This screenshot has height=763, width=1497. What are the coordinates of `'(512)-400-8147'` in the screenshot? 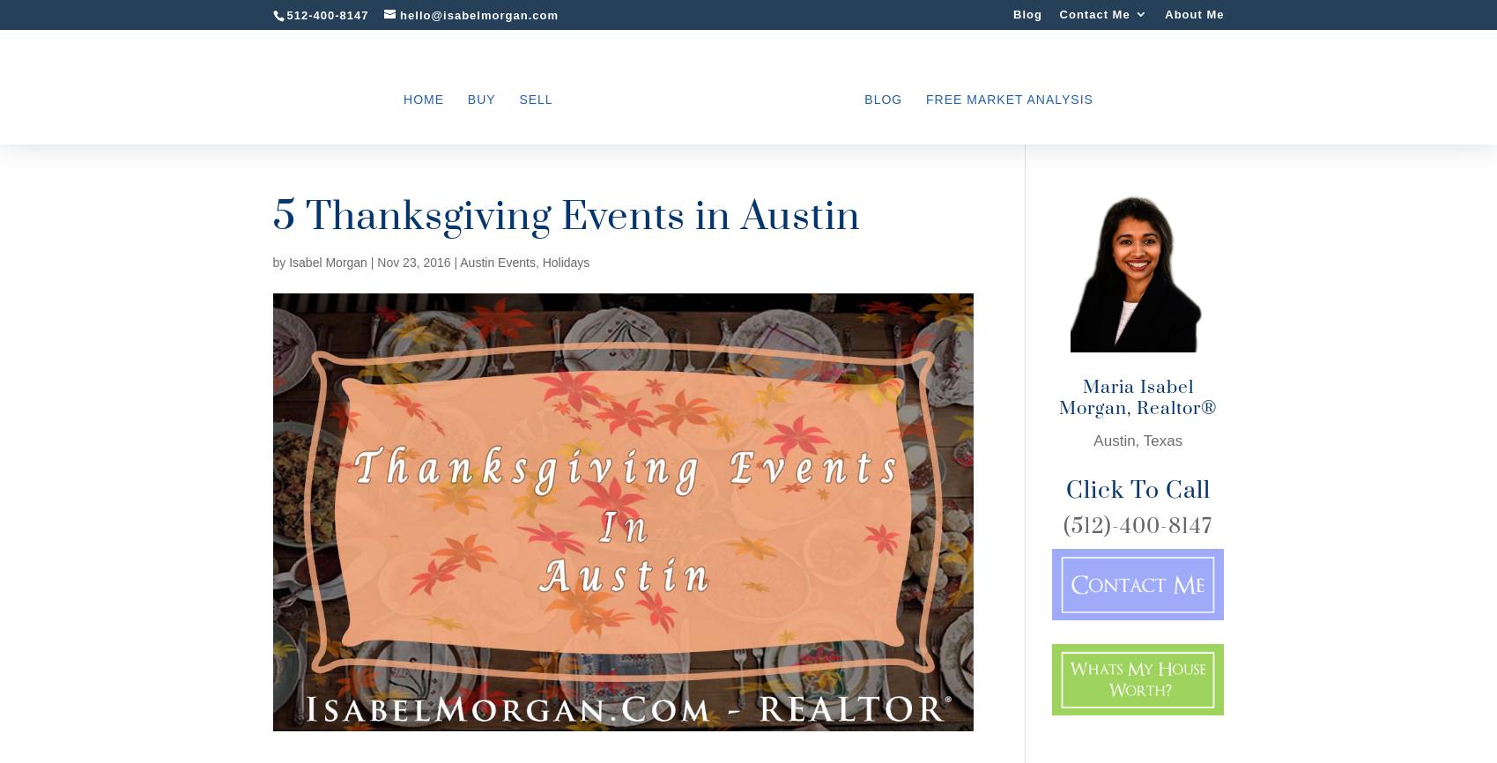 It's located at (1137, 526).